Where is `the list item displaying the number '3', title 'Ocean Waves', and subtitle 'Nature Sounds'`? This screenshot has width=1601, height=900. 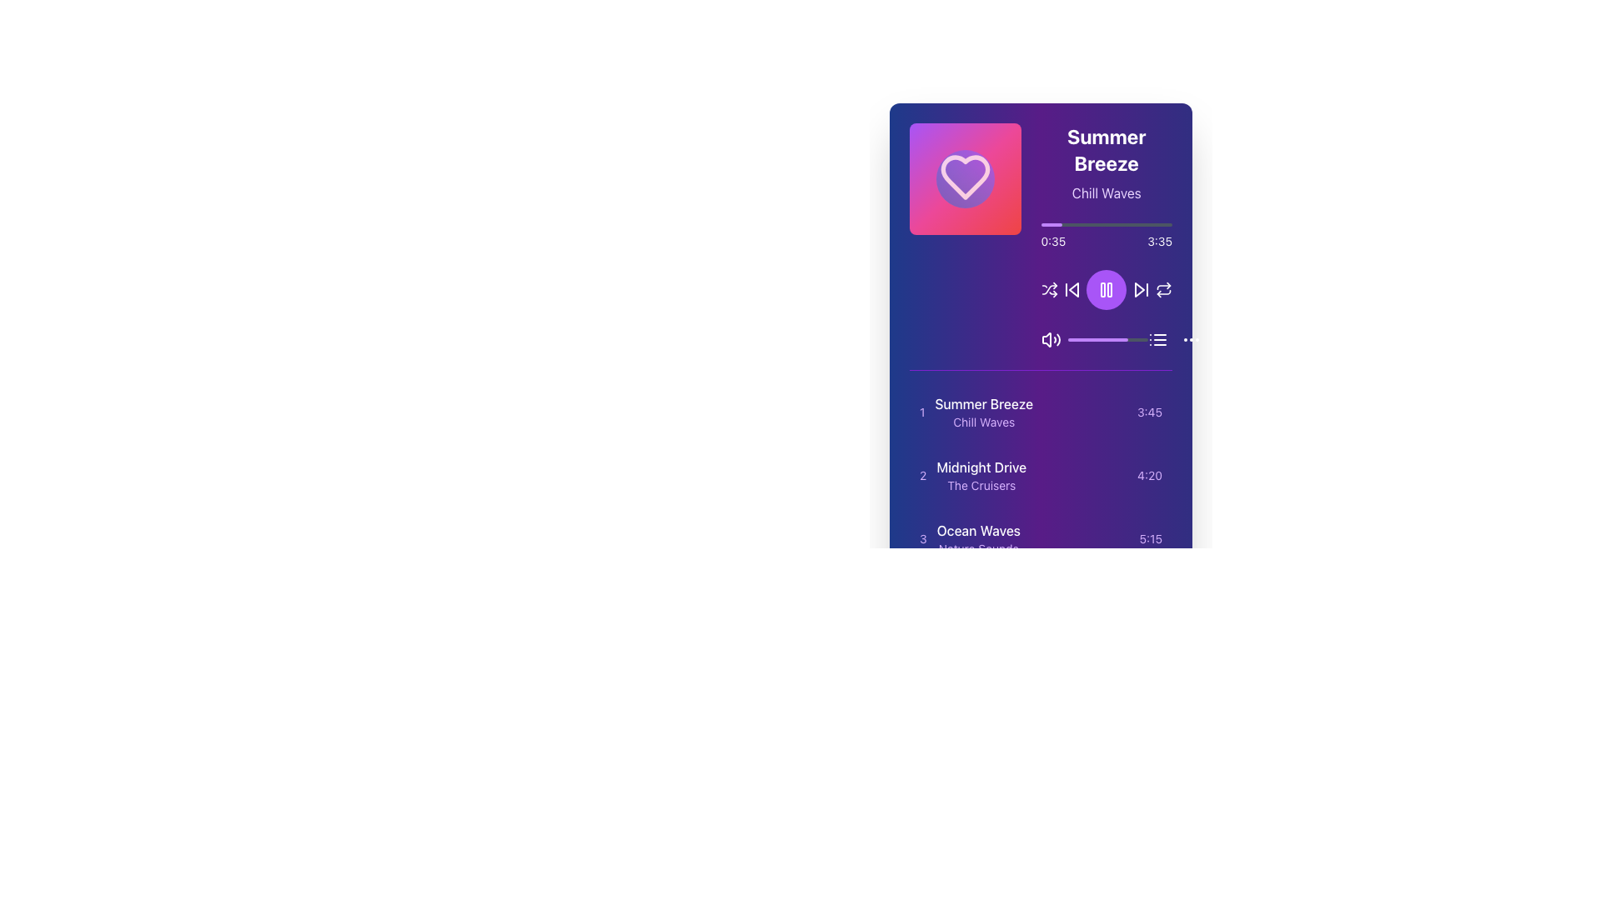
the list item displaying the number '3', title 'Ocean Waves', and subtitle 'Nature Sounds' is located at coordinates (970, 539).